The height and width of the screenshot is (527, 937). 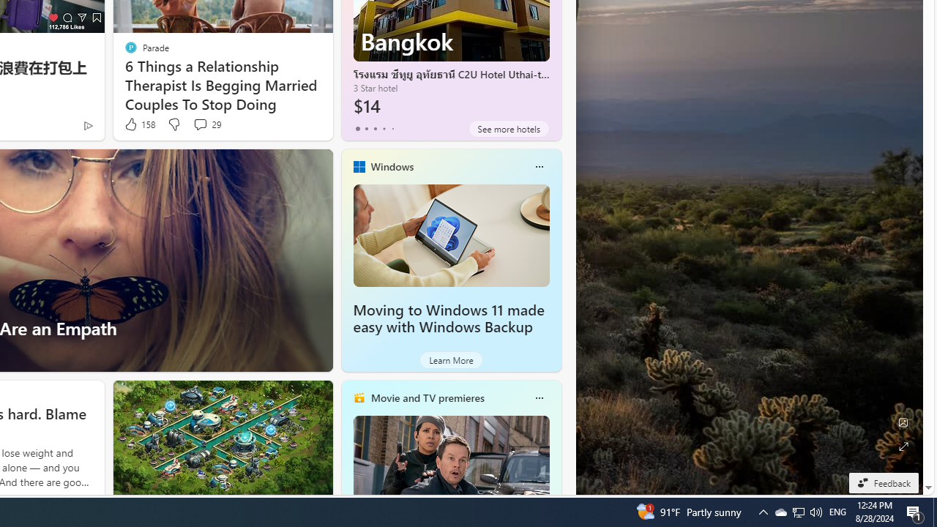 I want to click on 'Class: icon-img', so click(x=538, y=397).